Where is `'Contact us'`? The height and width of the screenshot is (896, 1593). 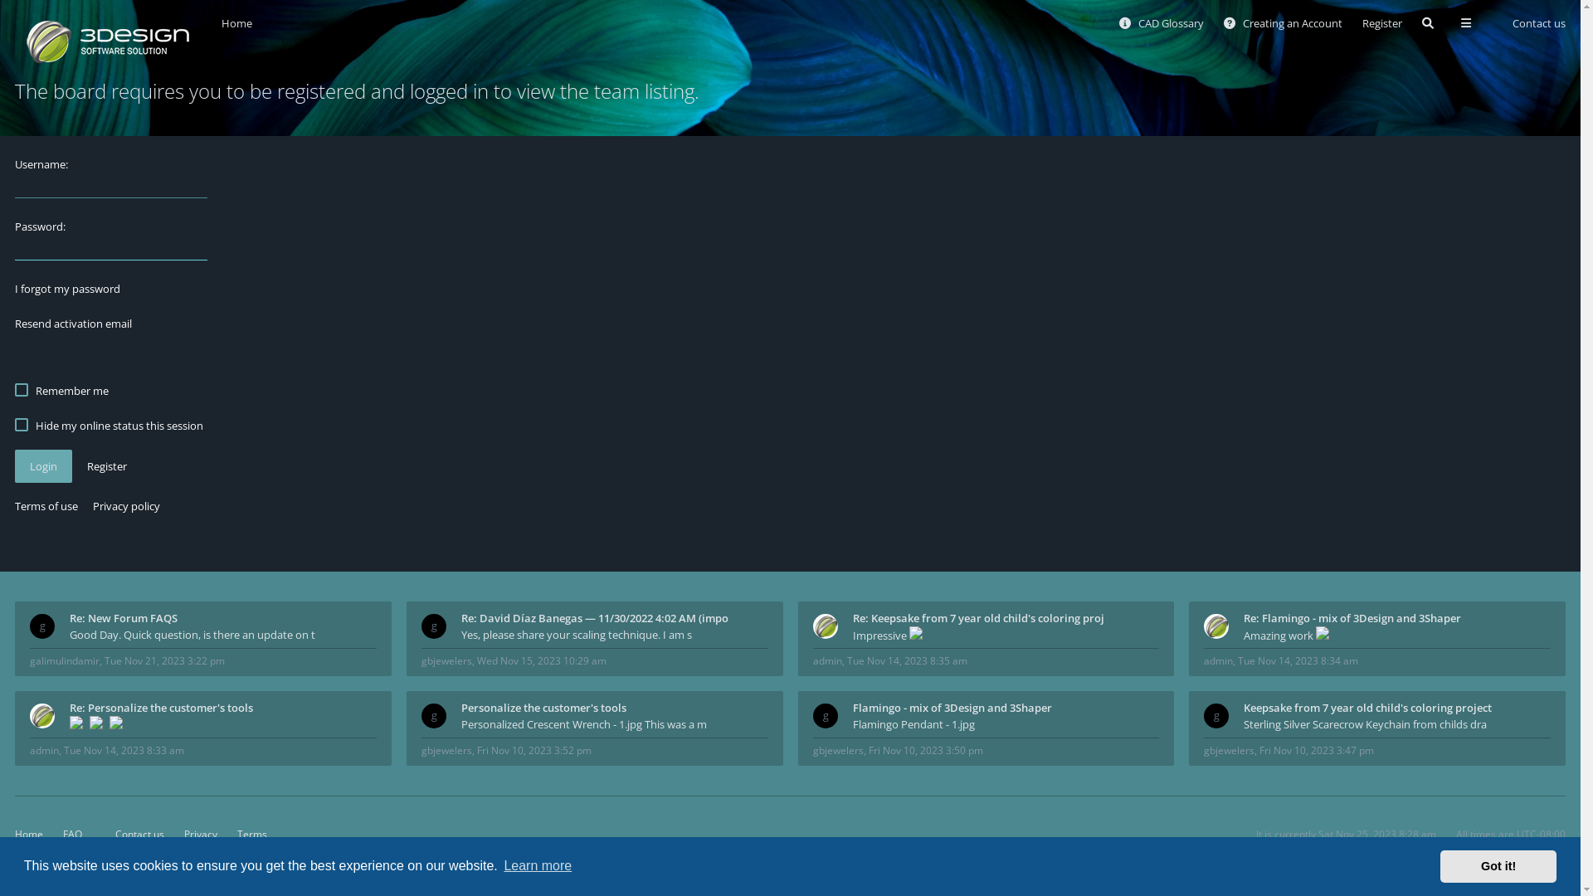
'Contact us' is located at coordinates (133, 834).